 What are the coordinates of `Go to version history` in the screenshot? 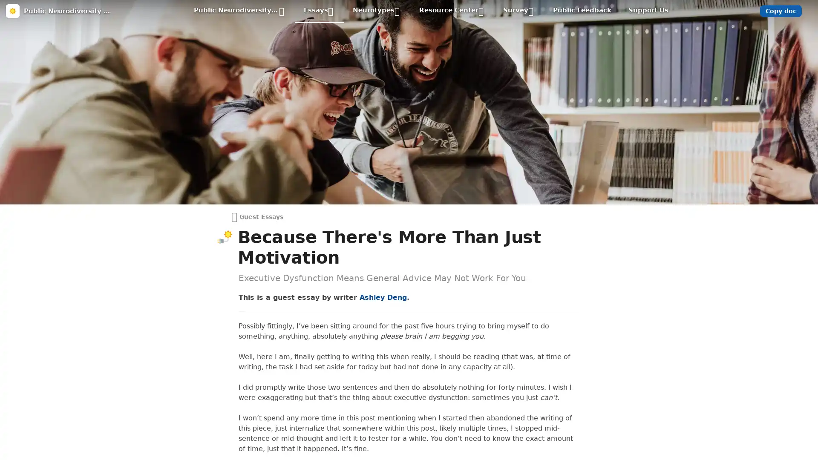 It's located at (362, 106).